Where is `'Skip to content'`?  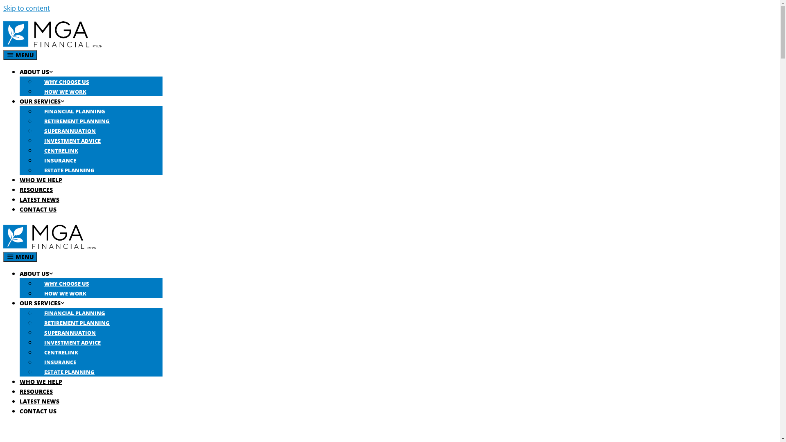
'Skip to content' is located at coordinates (27, 8).